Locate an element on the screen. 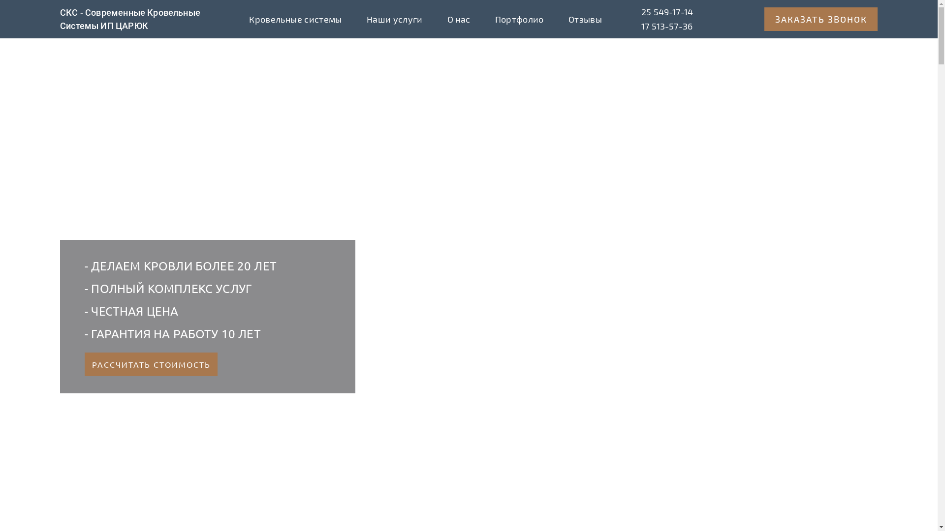 This screenshot has width=945, height=531. '25 549-17-14' is located at coordinates (641, 12).